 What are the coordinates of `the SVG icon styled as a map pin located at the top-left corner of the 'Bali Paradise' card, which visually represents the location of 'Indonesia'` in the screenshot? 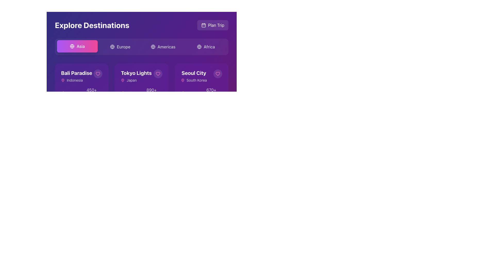 It's located at (63, 80).